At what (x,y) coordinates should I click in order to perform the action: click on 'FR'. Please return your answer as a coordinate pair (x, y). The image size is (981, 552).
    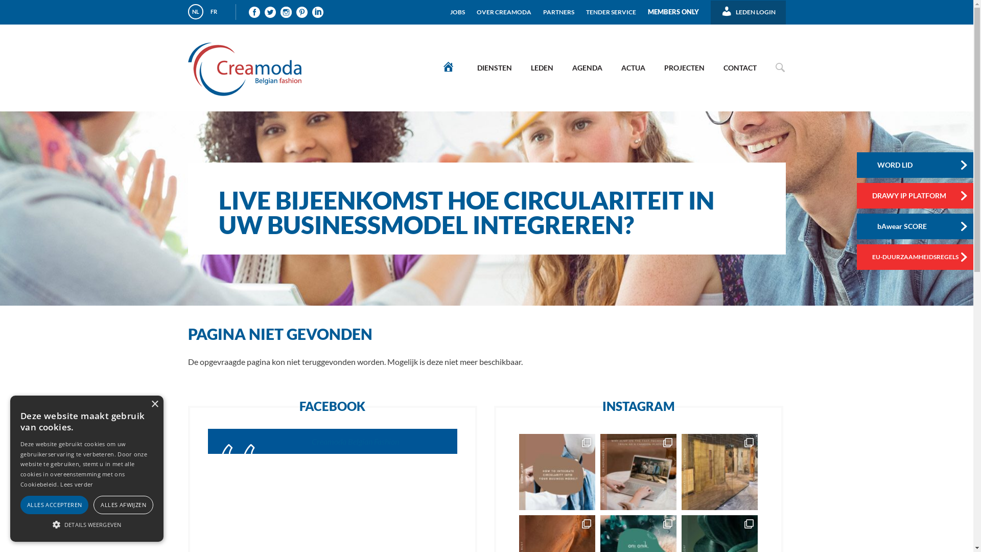
    Looking at the image, I should click on (205, 12).